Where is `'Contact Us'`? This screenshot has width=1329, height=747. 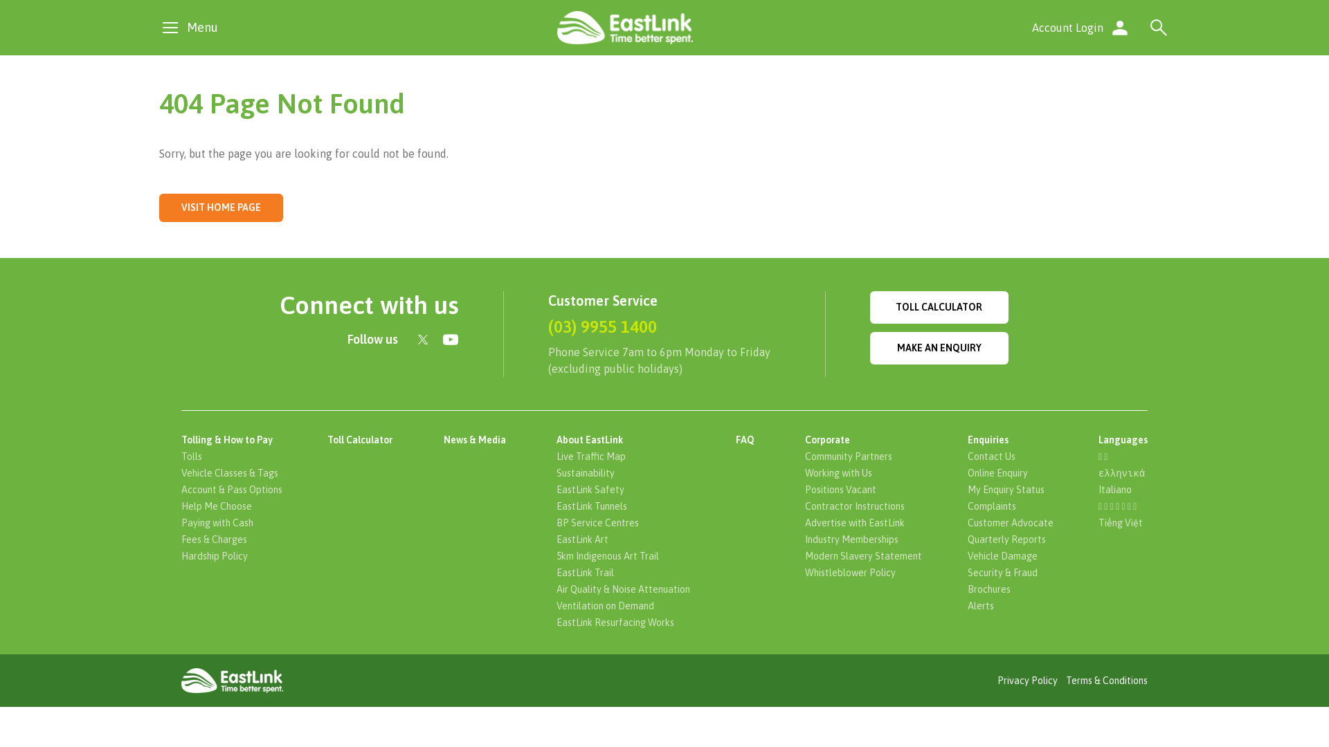 'Contact Us' is located at coordinates (997, 456).